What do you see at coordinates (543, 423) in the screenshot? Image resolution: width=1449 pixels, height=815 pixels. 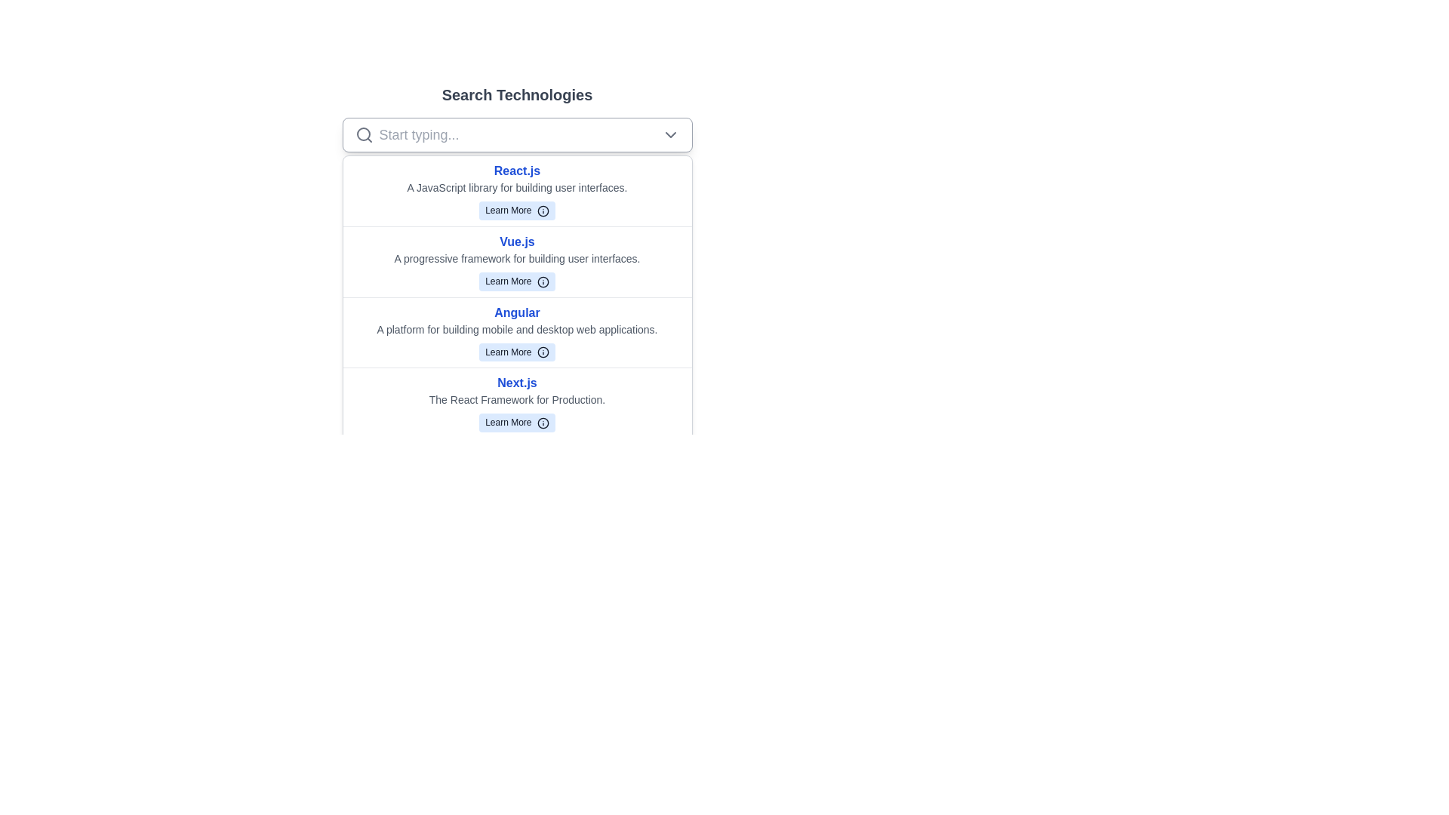 I see `the SVG circle element of the information icon within the 'Learn More' button for 'Next.js', which is located to the right of the text 'Learn More'` at bounding box center [543, 423].